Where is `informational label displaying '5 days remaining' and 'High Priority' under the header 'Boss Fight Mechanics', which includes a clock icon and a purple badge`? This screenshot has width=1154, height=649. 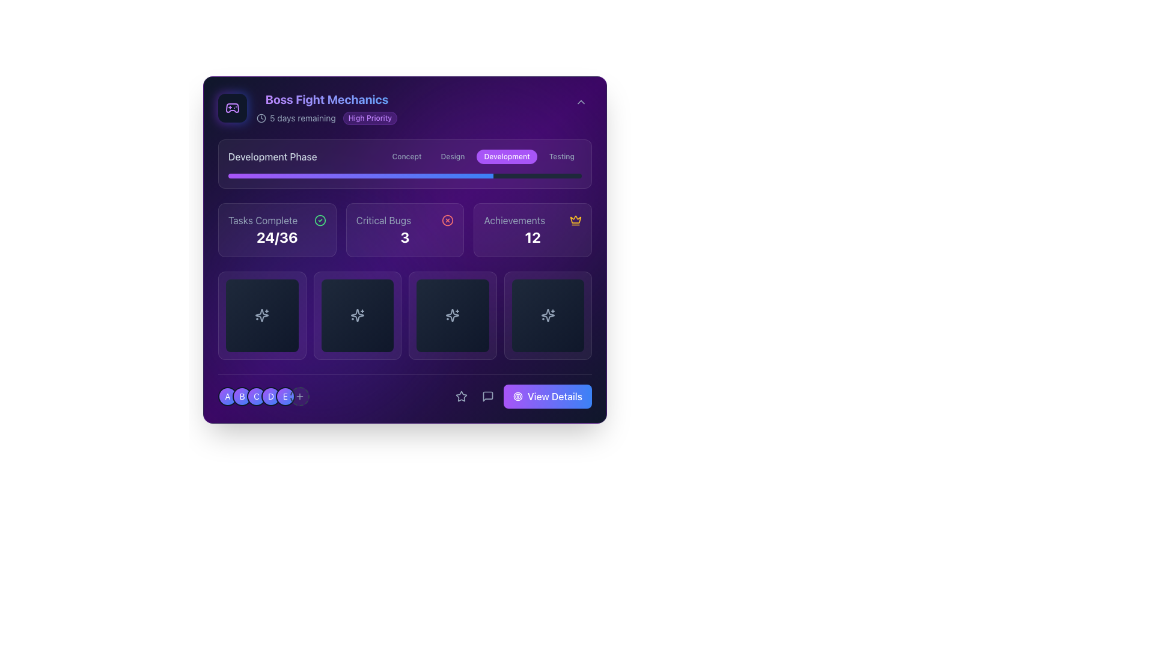
informational label displaying '5 days remaining' and 'High Priority' under the header 'Boss Fight Mechanics', which includes a clock icon and a purple badge is located at coordinates (326, 118).